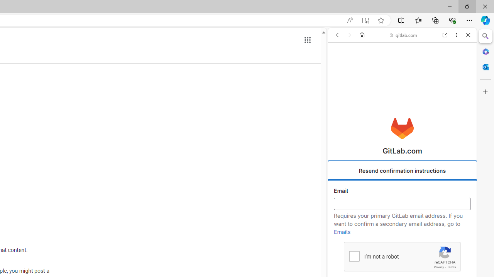  Describe the element at coordinates (485, 36) in the screenshot. I see `'Close Search pane'` at that location.